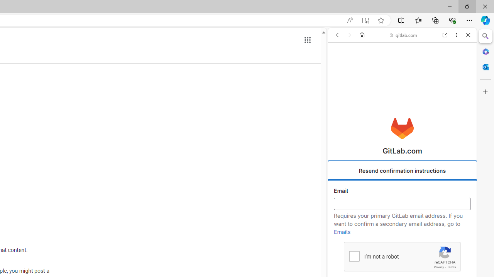  Describe the element at coordinates (485, 36) in the screenshot. I see `'Close Search pane'` at that location.